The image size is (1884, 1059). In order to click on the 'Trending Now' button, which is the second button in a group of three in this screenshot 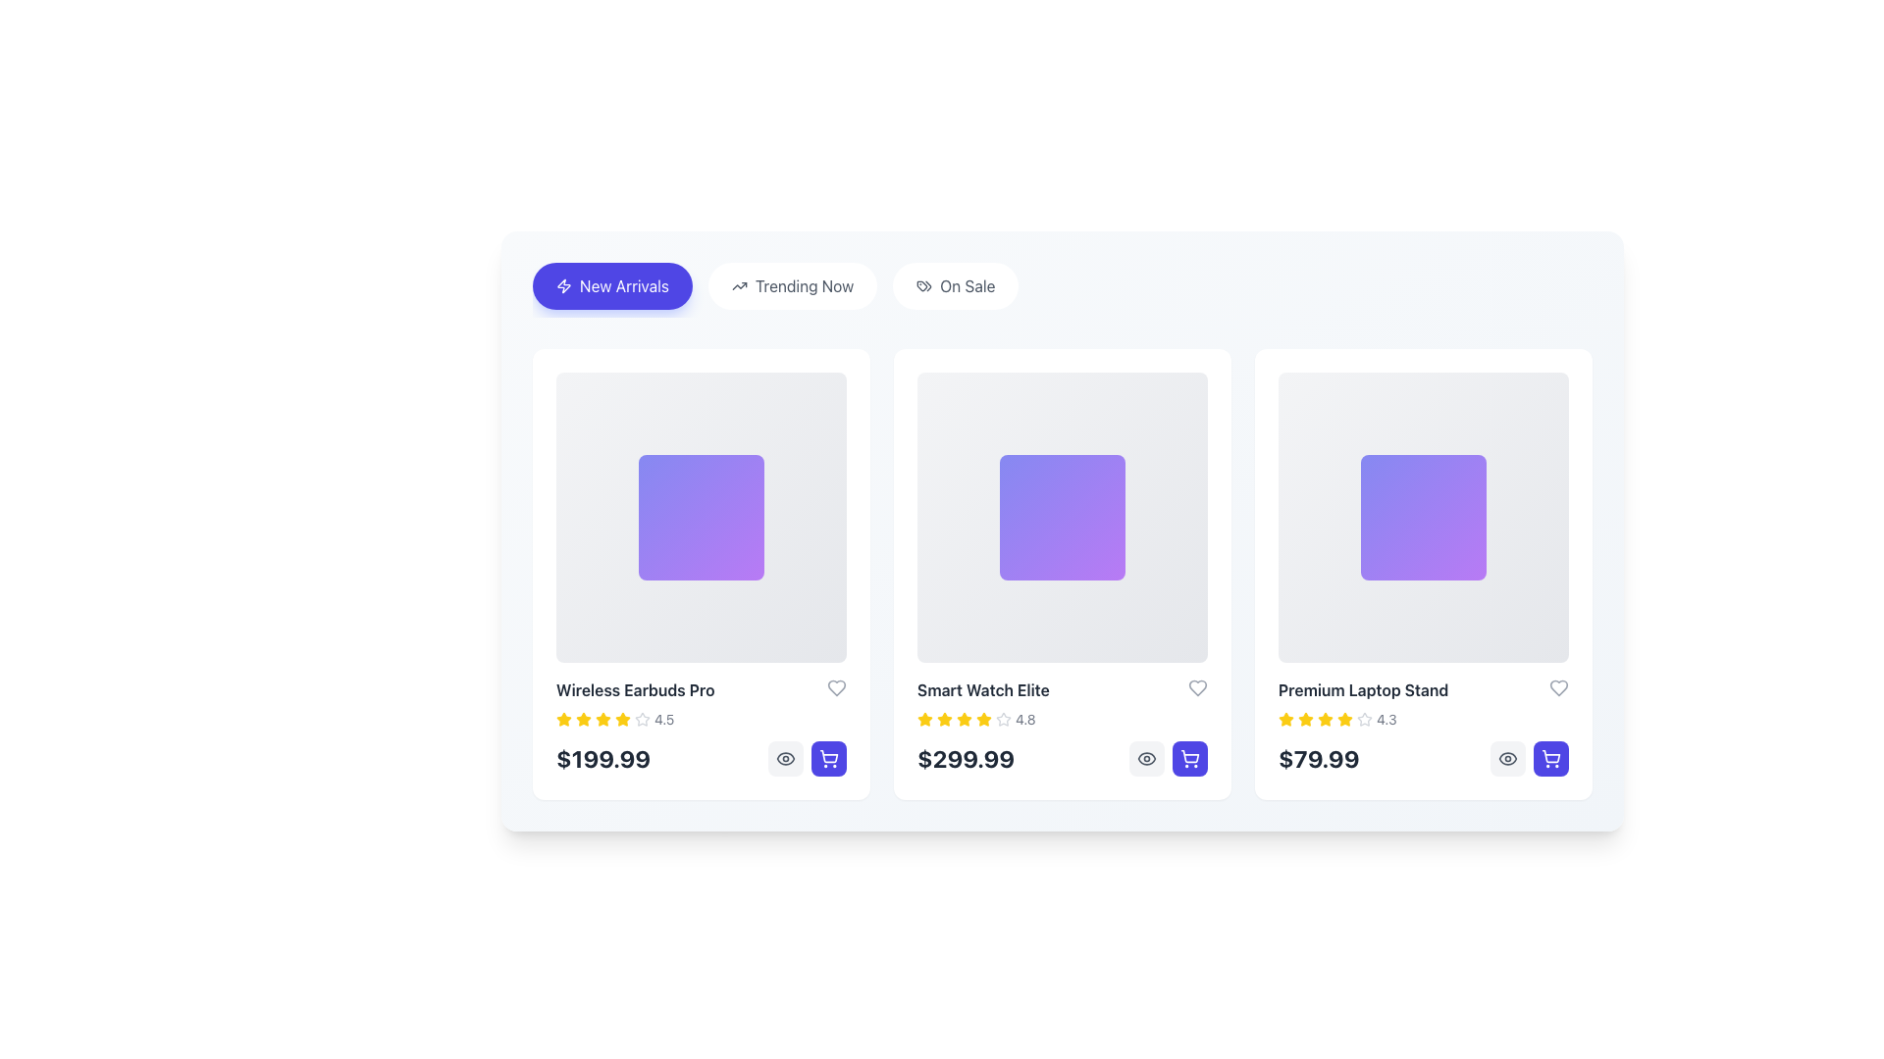, I will do `click(792, 286)`.